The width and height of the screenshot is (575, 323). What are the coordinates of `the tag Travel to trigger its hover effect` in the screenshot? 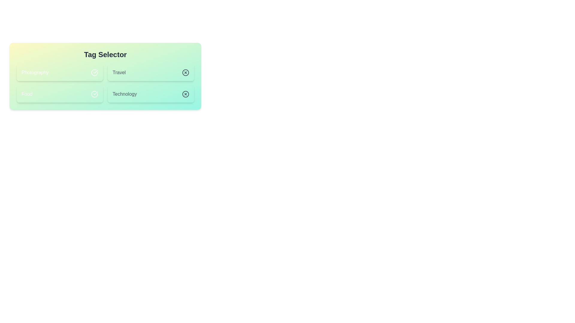 It's located at (151, 72).